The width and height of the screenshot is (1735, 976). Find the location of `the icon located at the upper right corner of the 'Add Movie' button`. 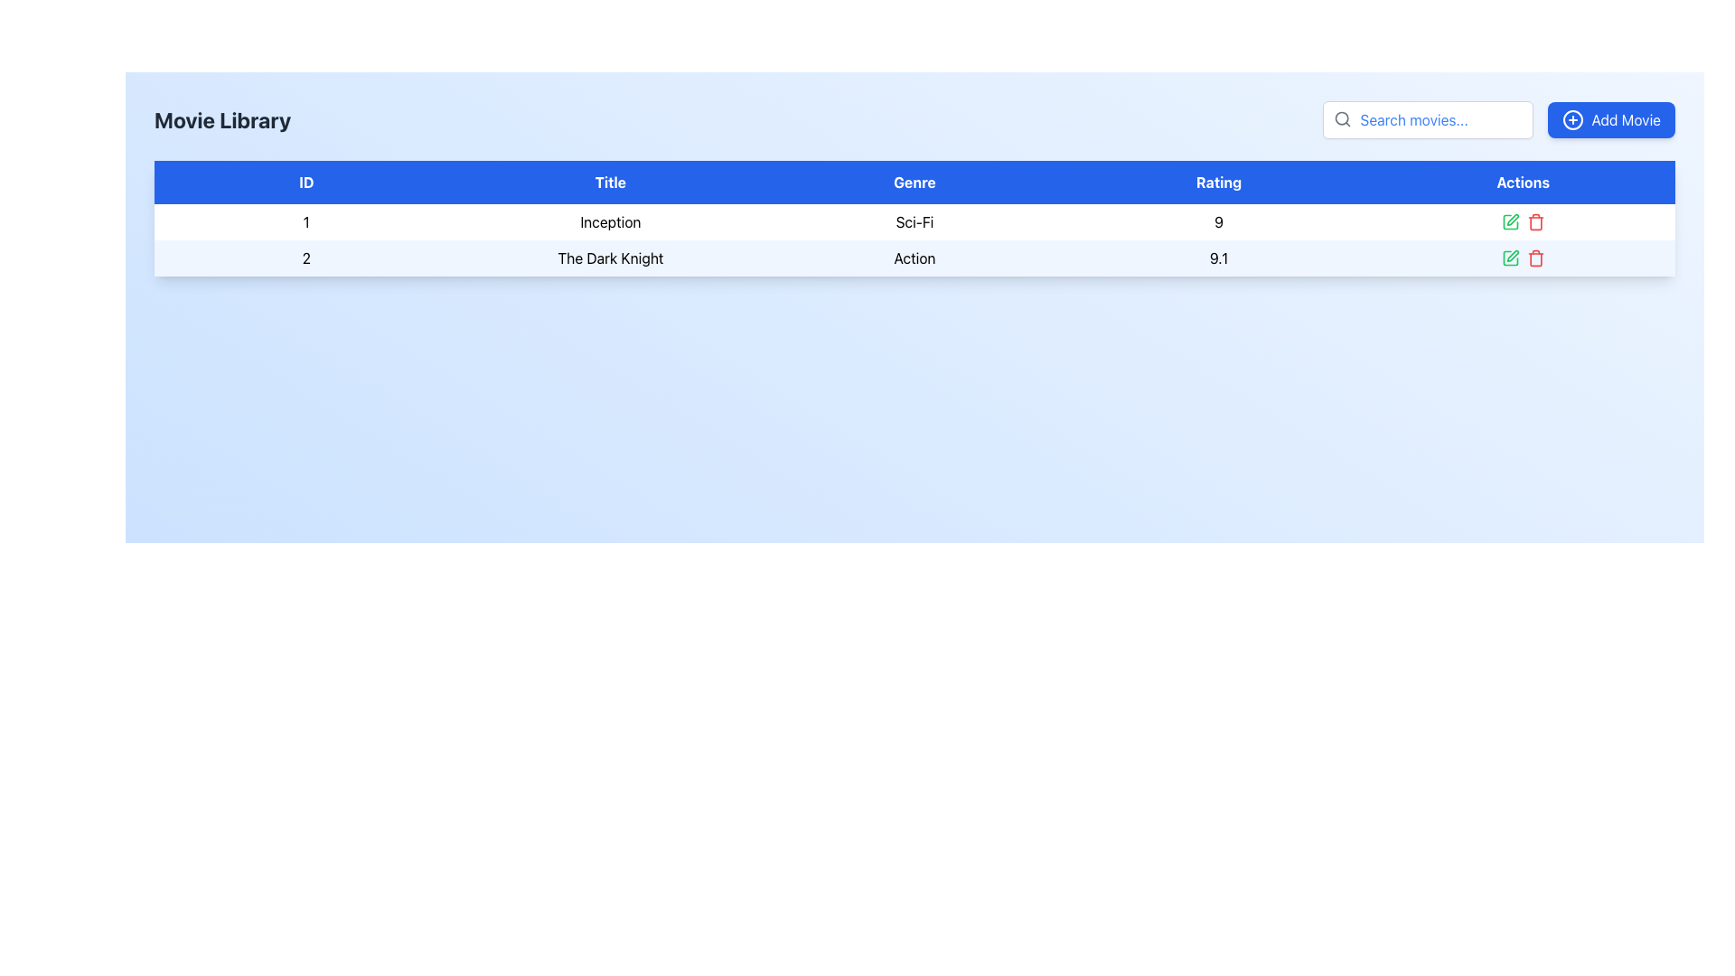

the icon located at the upper right corner of the 'Add Movie' button is located at coordinates (1572, 119).